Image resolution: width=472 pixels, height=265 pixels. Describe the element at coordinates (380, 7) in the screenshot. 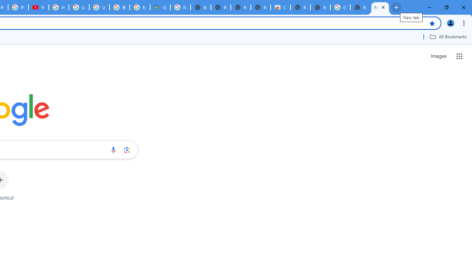

I see `'New Tab'` at that location.